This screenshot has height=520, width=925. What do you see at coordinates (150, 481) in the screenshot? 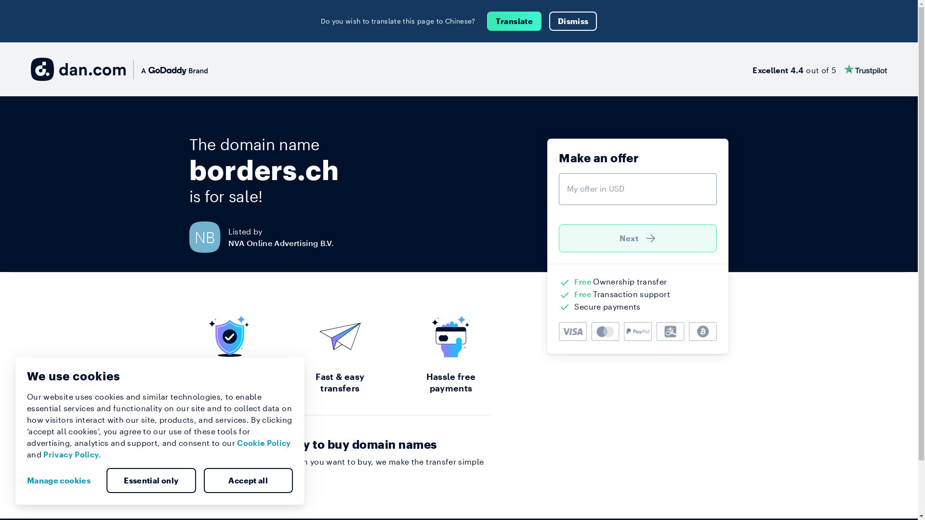
I see `'Essential only'` at bounding box center [150, 481].